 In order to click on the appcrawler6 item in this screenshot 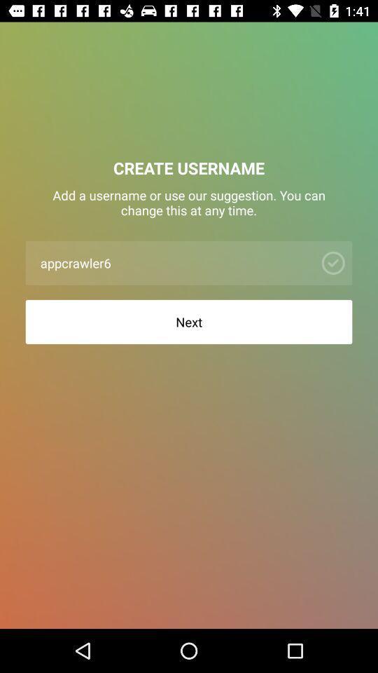, I will do `click(174, 262)`.